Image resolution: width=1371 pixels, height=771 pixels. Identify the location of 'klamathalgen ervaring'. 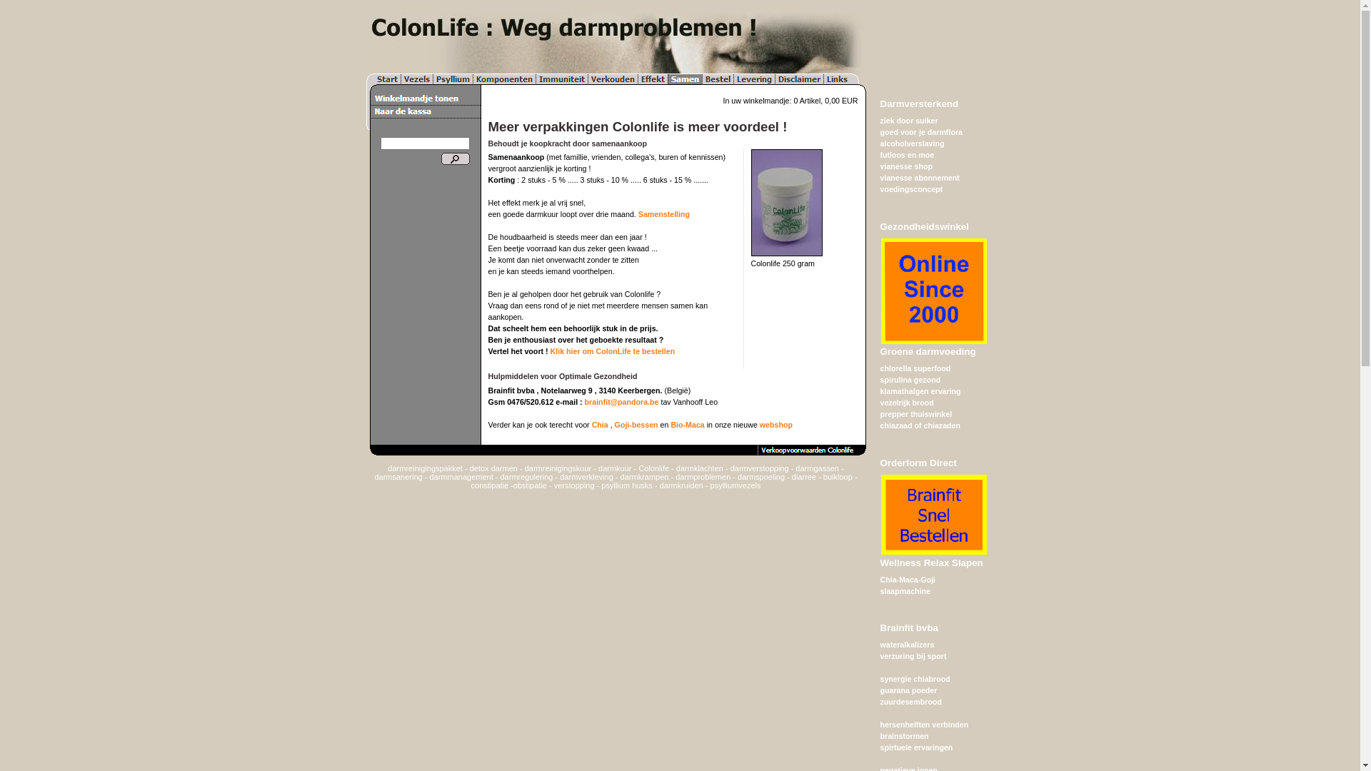
(920, 390).